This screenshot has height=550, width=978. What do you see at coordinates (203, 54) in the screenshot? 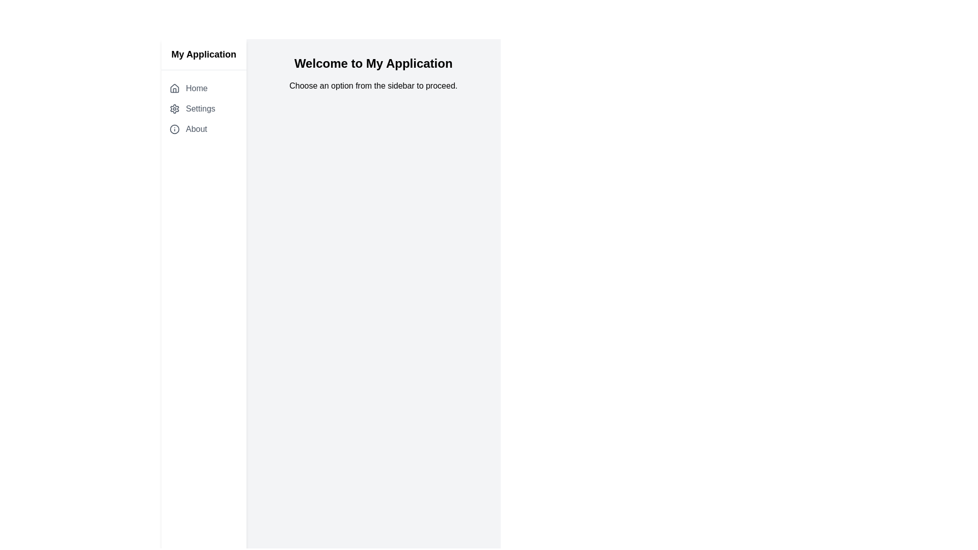
I see `the branding text label located at the top of the left pane, above the navigation items for potential interactions` at bounding box center [203, 54].